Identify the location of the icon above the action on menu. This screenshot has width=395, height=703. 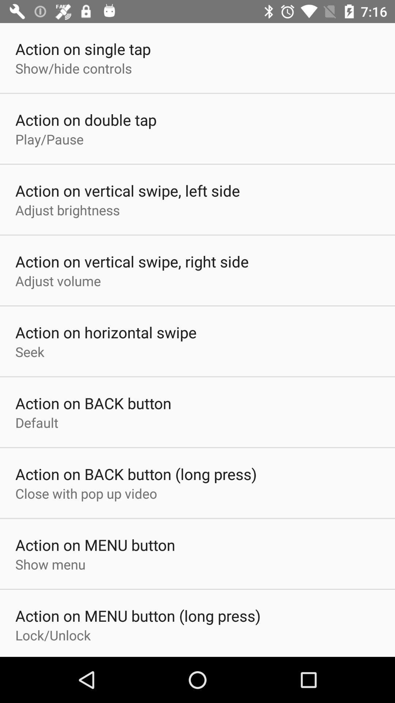
(86, 493).